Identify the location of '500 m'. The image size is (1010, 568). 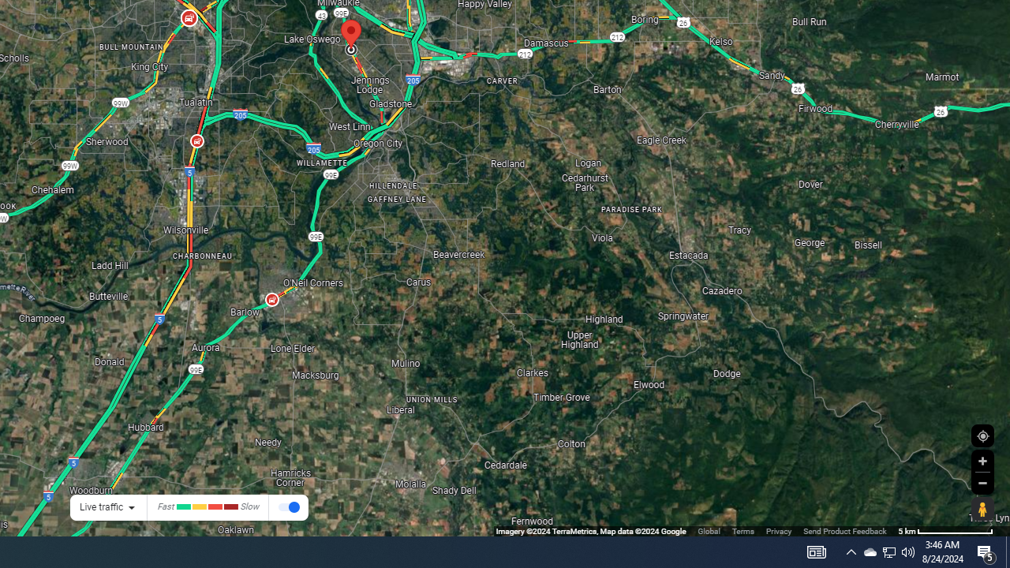
(945, 531).